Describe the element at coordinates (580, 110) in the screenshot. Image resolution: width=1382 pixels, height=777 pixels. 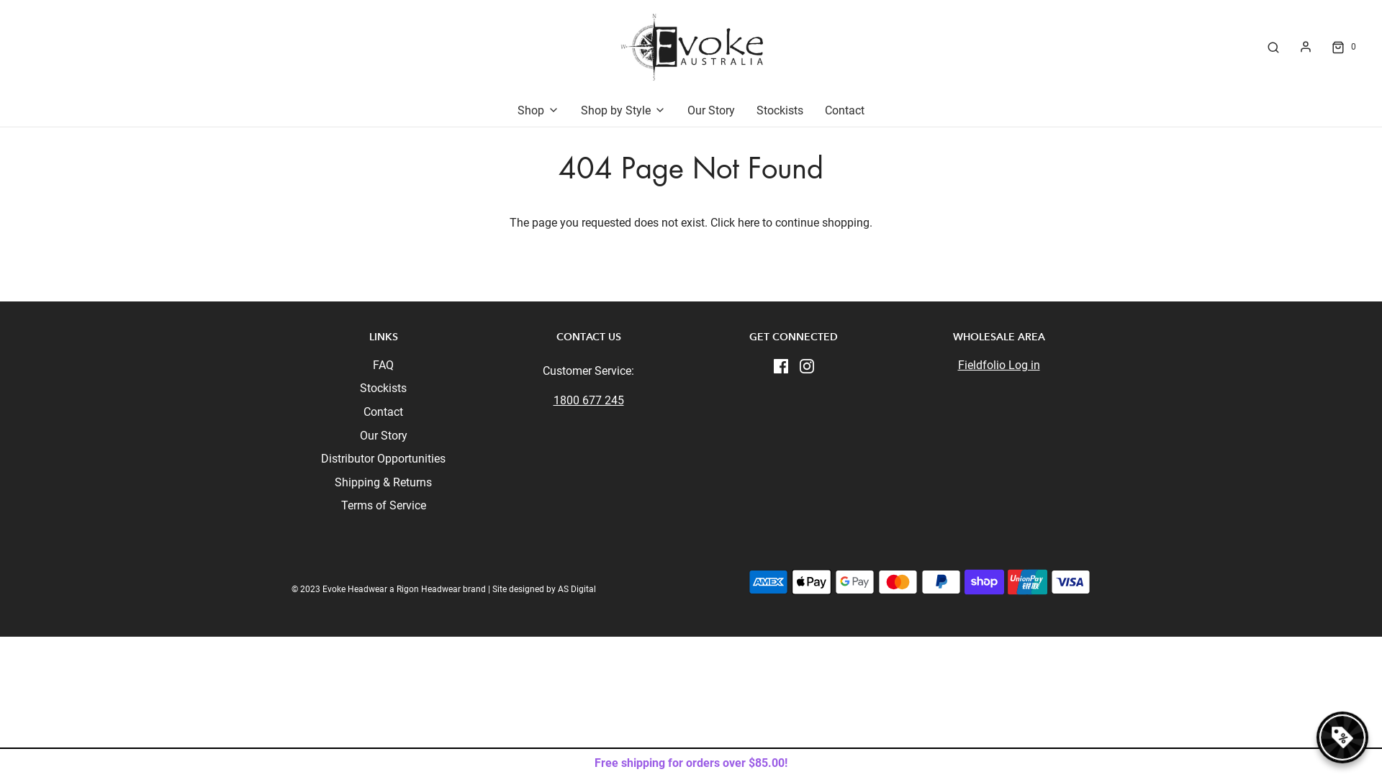
I see `'Shop by Style'` at that location.